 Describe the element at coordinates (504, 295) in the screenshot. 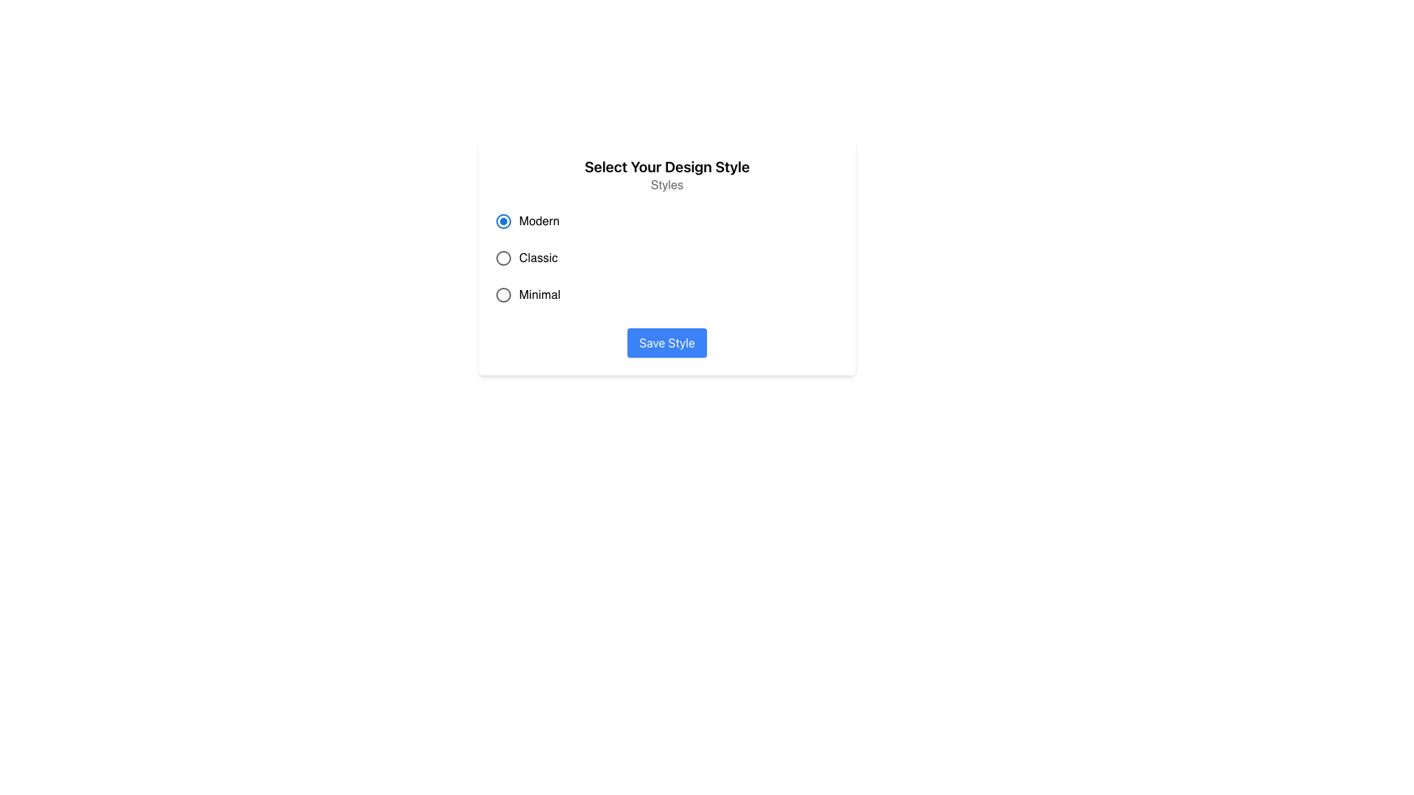

I see `the radio button indicator for the 'Minimal' option` at that location.